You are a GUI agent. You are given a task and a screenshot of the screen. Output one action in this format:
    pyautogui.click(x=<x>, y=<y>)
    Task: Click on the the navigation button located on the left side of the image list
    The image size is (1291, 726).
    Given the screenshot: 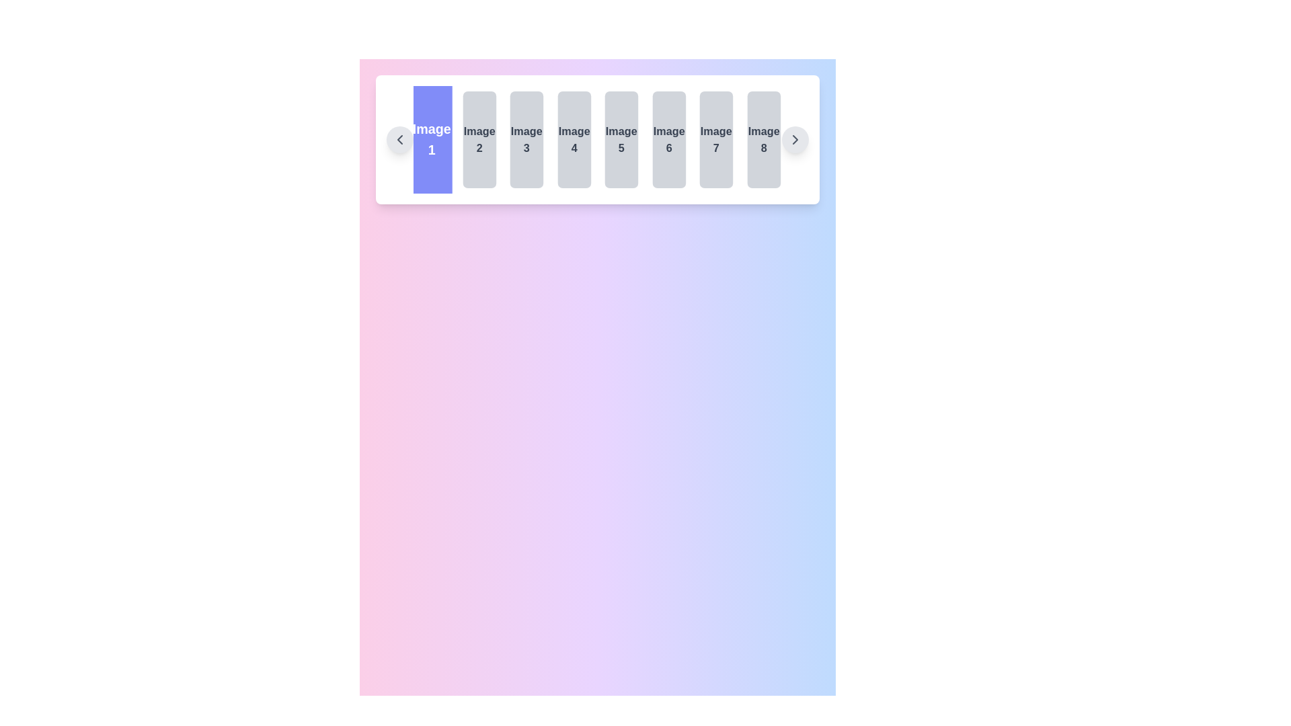 What is the action you would take?
    pyautogui.click(x=399, y=140)
    